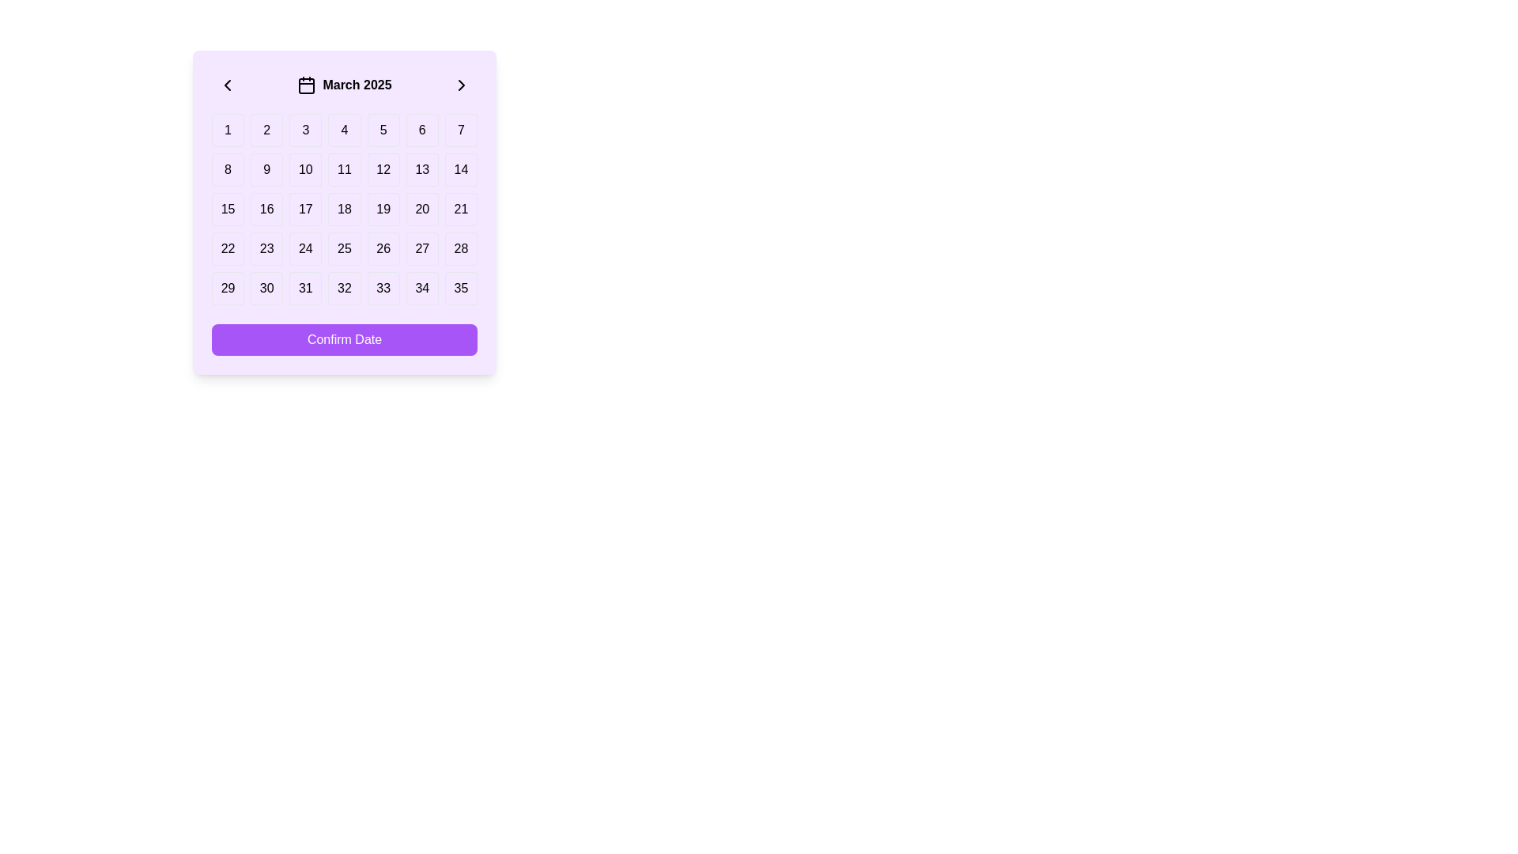 Image resolution: width=1518 pixels, height=854 pixels. What do you see at coordinates (344, 289) in the screenshot?
I see `the Text Display Box representing the day '32' in the calendar interface, located in the fifth row and fourth column of a 7-column grid` at bounding box center [344, 289].